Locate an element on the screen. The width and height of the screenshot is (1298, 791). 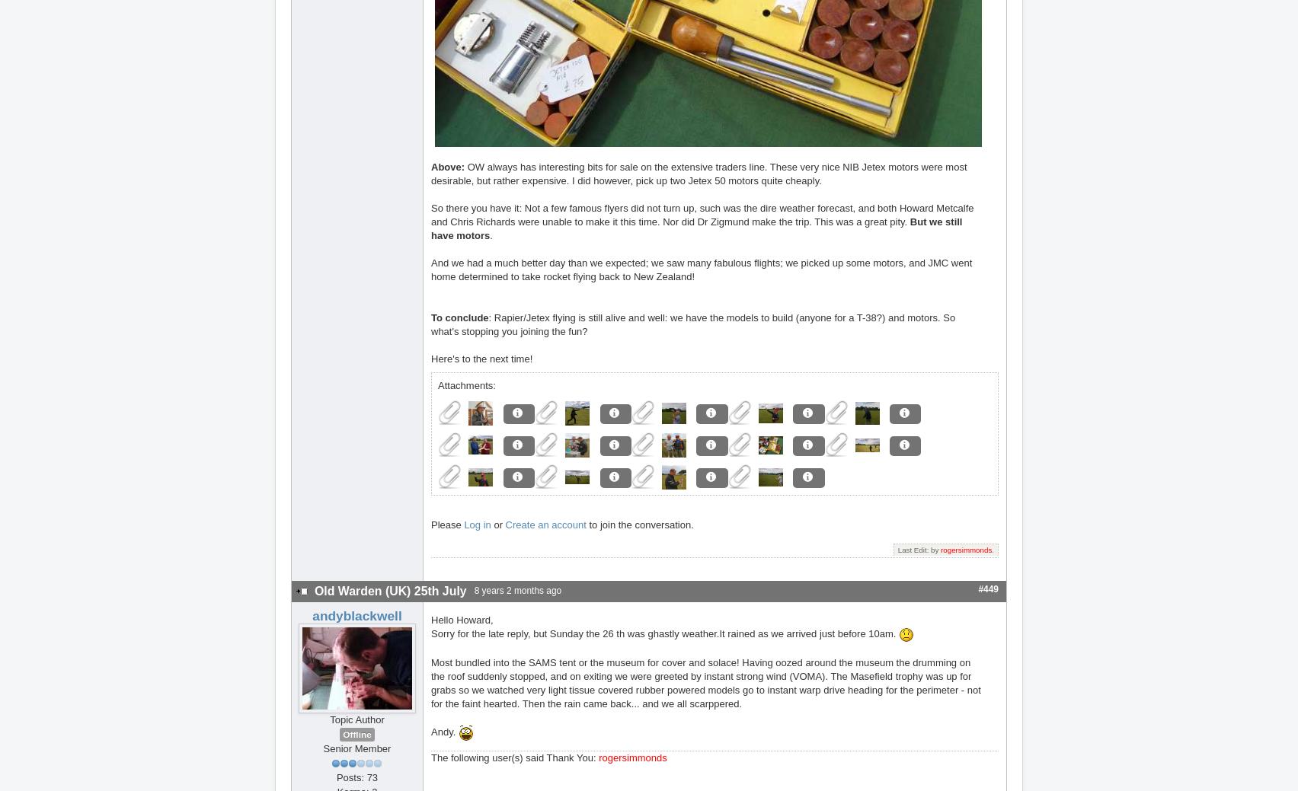
'Most bundled into the SAMS tent or the museum for cover and solace! Having oozed around the museum the drumming on the roof suddenly stopped, and on exiting we were greeted by instant strong wind (VOMA). The Masefield trophy was up for grabs so we watched very light tissue covered rubber powered models go to instant warp drive heading for the perimeter - not for the faint hearted. Then the rain came back... and we all scarppered.' is located at coordinates (705, 682).